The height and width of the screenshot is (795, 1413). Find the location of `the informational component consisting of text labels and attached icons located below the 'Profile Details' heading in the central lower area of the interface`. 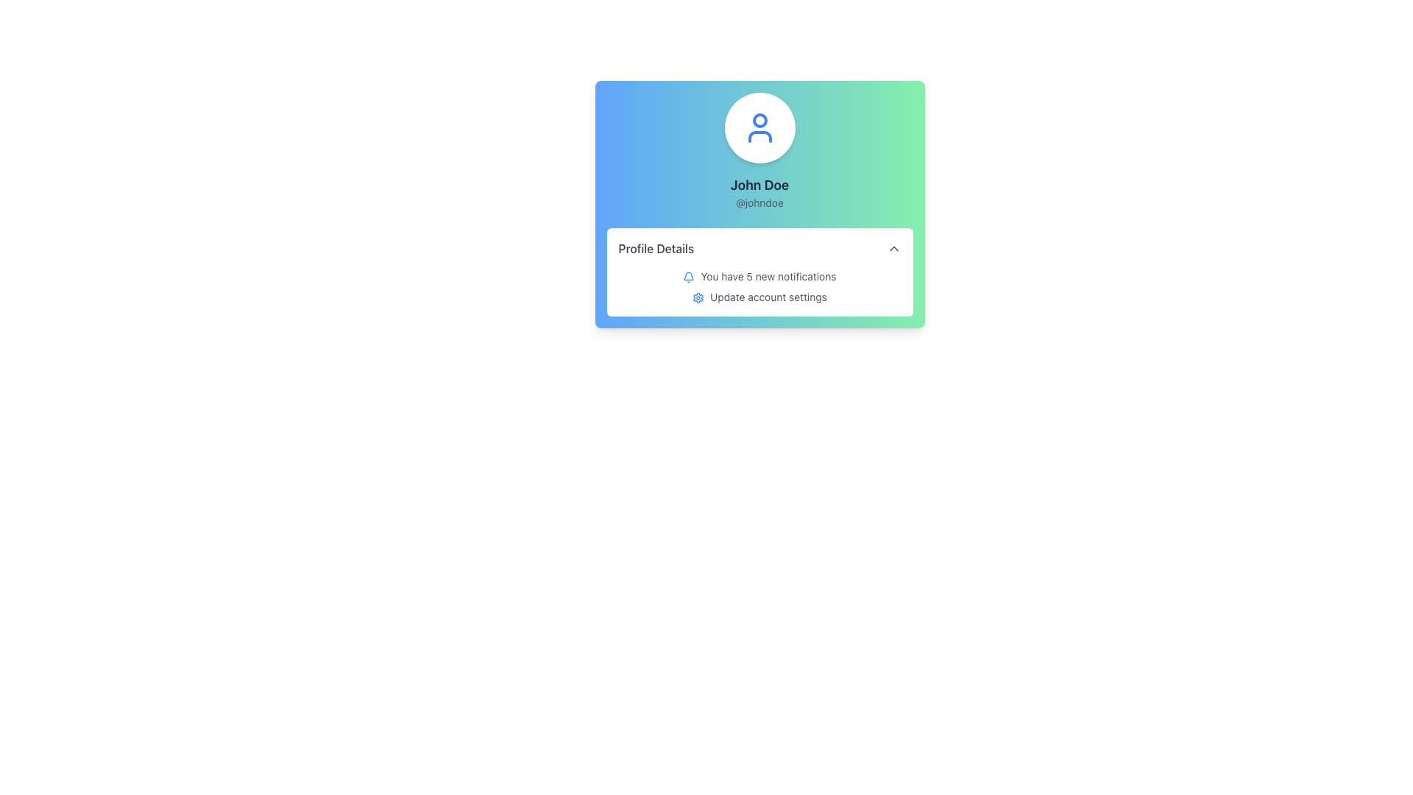

the informational component consisting of text labels and attached icons located below the 'Profile Details' heading in the central lower area of the interface is located at coordinates (759, 286).